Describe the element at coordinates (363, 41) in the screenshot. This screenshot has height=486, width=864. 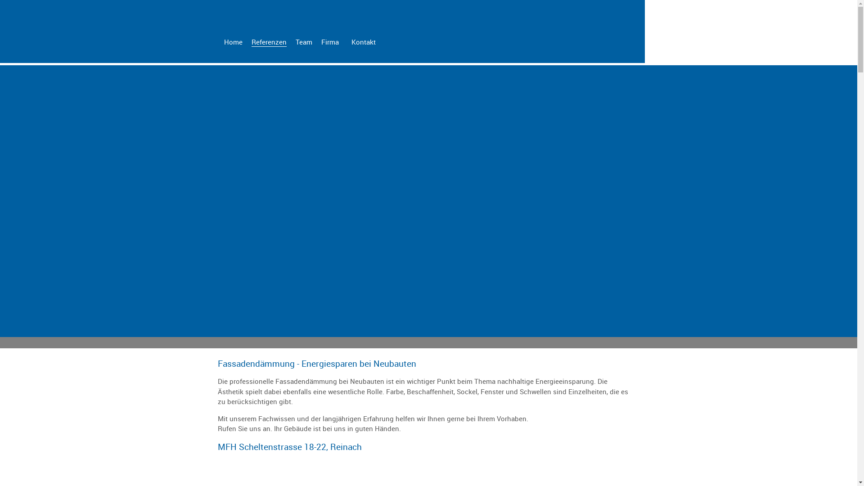
I see `'Kontakt'` at that location.